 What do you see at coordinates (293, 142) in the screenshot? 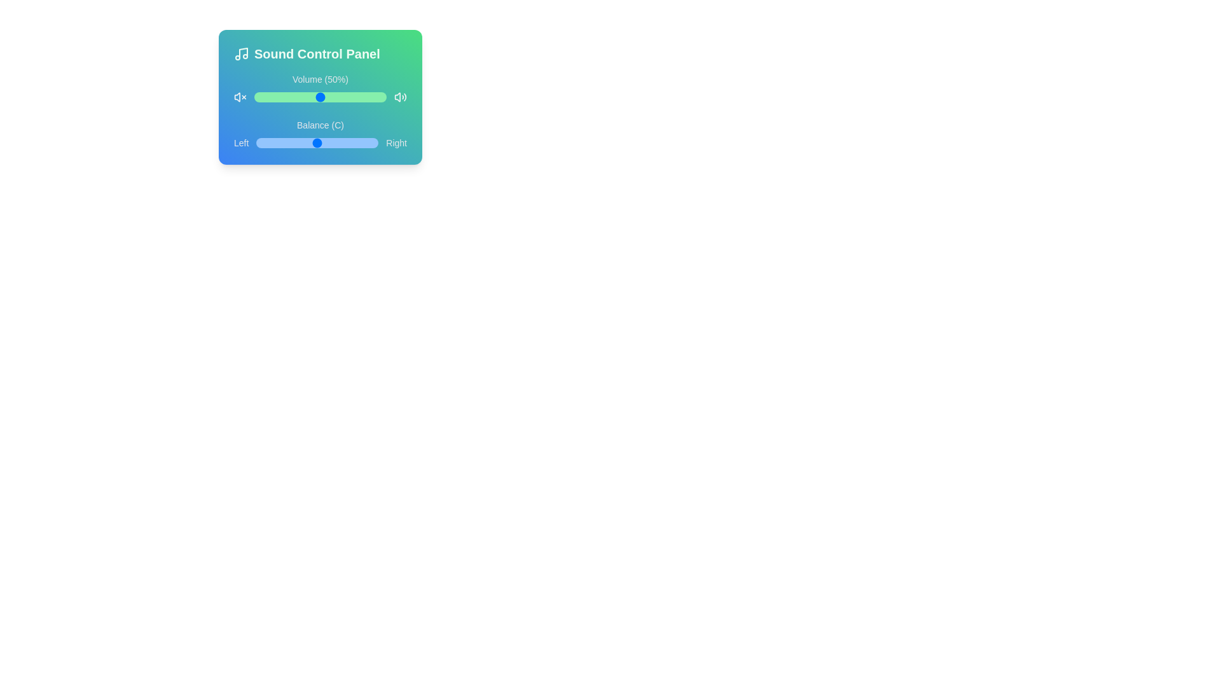
I see `balance` at bounding box center [293, 142].